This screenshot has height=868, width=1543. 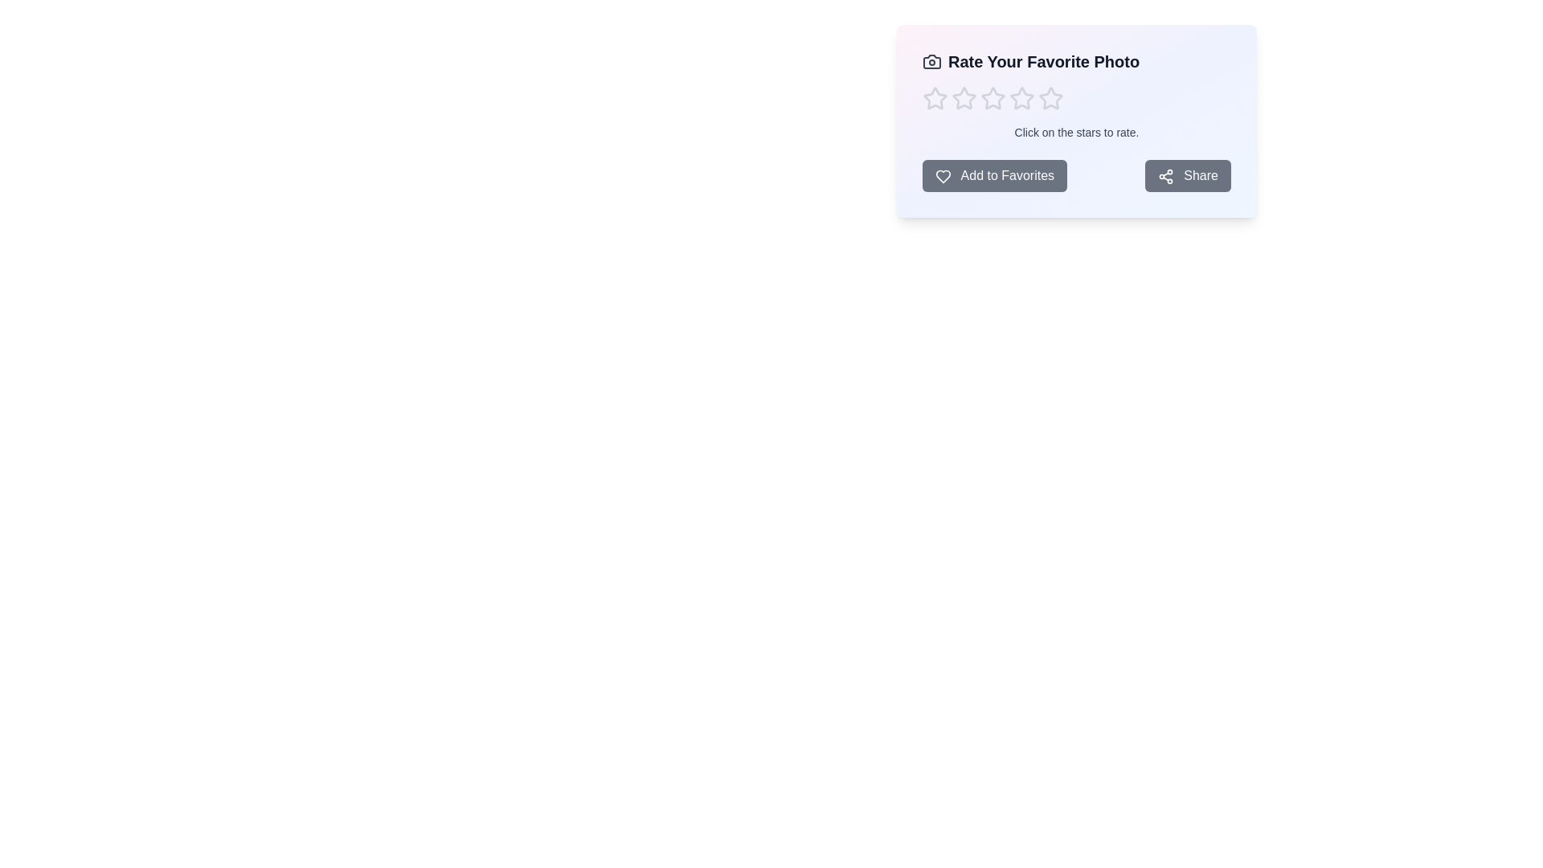 What do you see at coordinates (1165, 176) in the screenshot?
I see `the share icon located in the bottom-right corner of the card interface, which is part of the button labeled 'Share'` at bounding box center [1165, 176].